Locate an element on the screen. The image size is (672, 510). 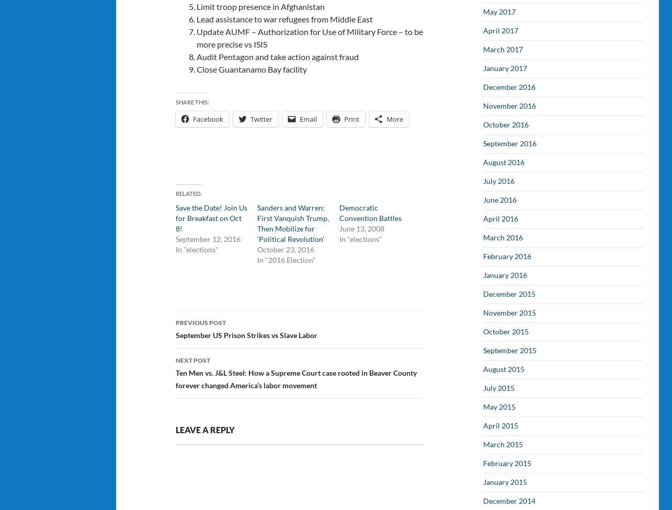
'September 2015' is located at coordinates (510, 350).